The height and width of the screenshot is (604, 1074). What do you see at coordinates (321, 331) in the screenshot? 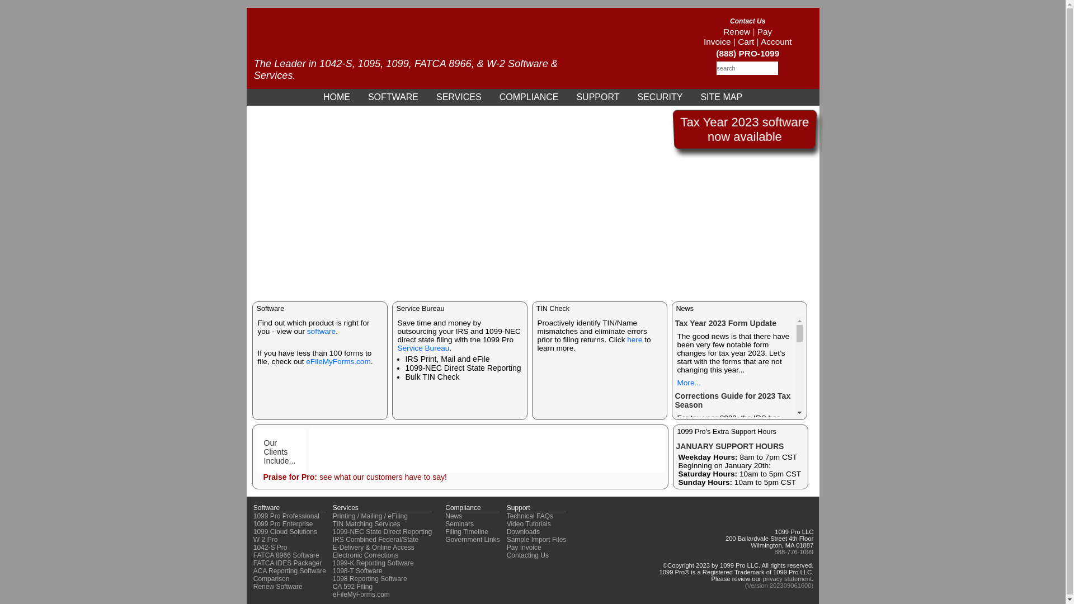
I see `'software'` at bounding box center [321, 331].